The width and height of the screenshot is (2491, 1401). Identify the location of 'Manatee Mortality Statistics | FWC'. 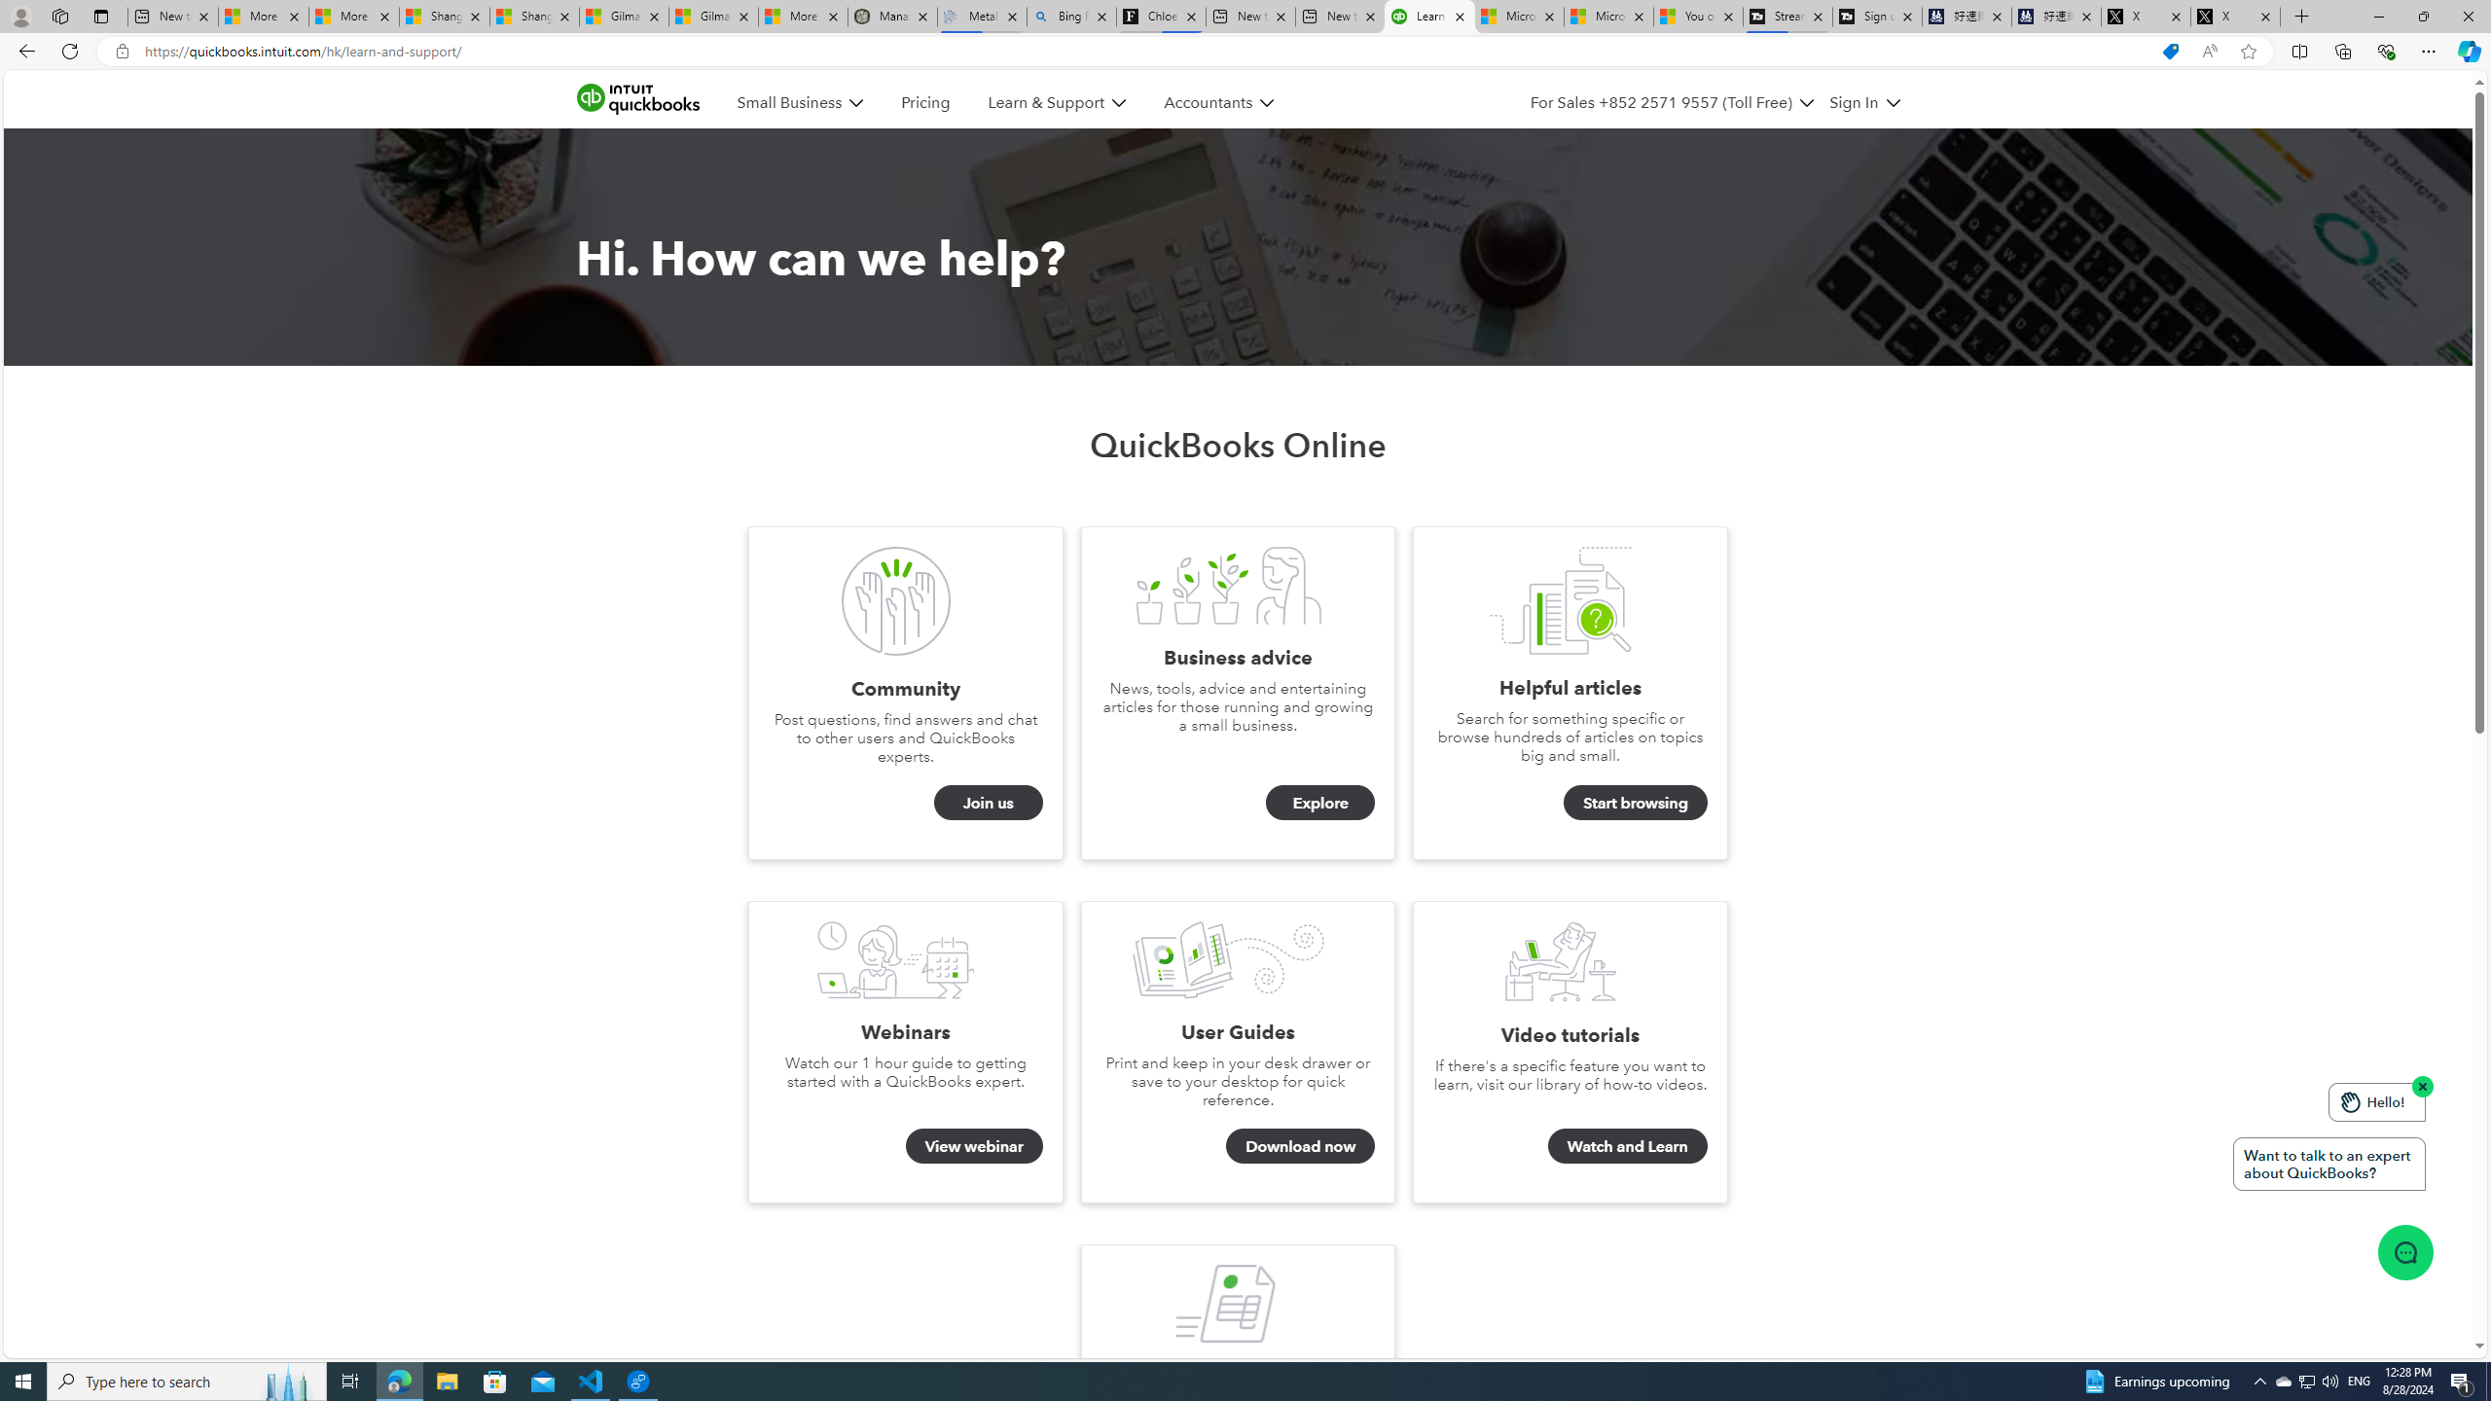
(892, 16).